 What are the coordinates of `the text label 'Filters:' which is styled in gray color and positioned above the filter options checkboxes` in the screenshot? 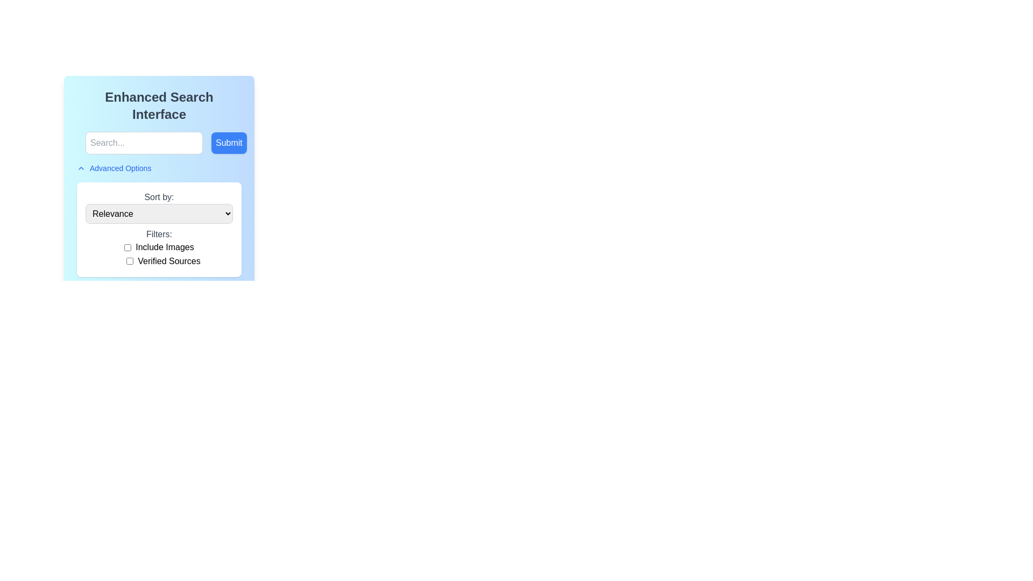 It's located at (159, 233).